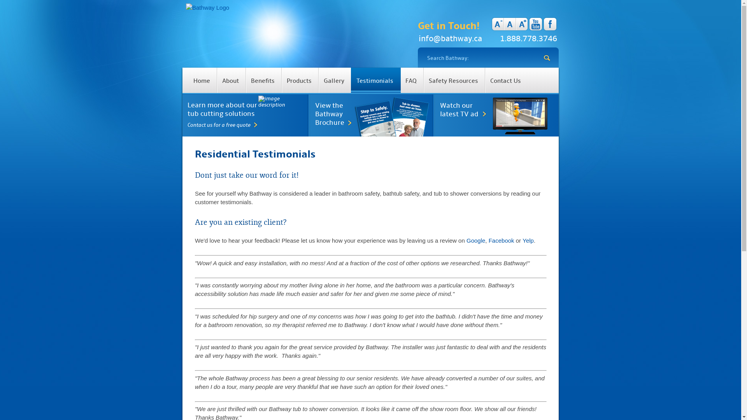  What do you see at coordinates (528, 240) in the screenshot?
I see `'Yelp'` at bounding box center [528, 240].